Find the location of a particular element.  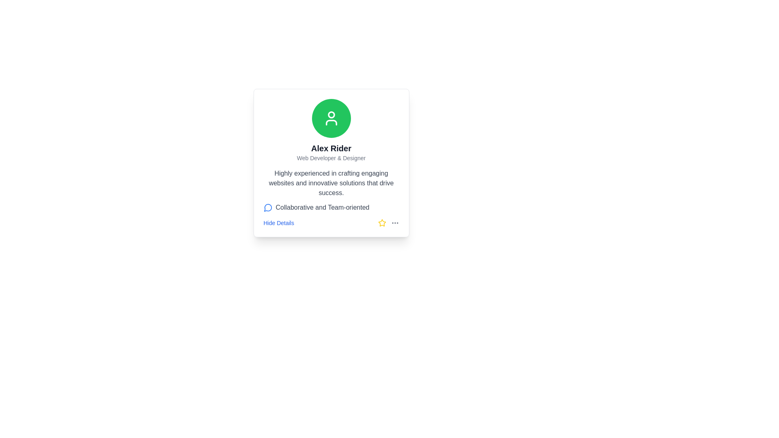

the descriptive information text block that says 'Collaborative and Team-oriented' with a blue conversation bubble icon, located below the text 'Highly experienced in crafting engaging websites and innovative solutions that drive success' is located at coordinates (331, 207).